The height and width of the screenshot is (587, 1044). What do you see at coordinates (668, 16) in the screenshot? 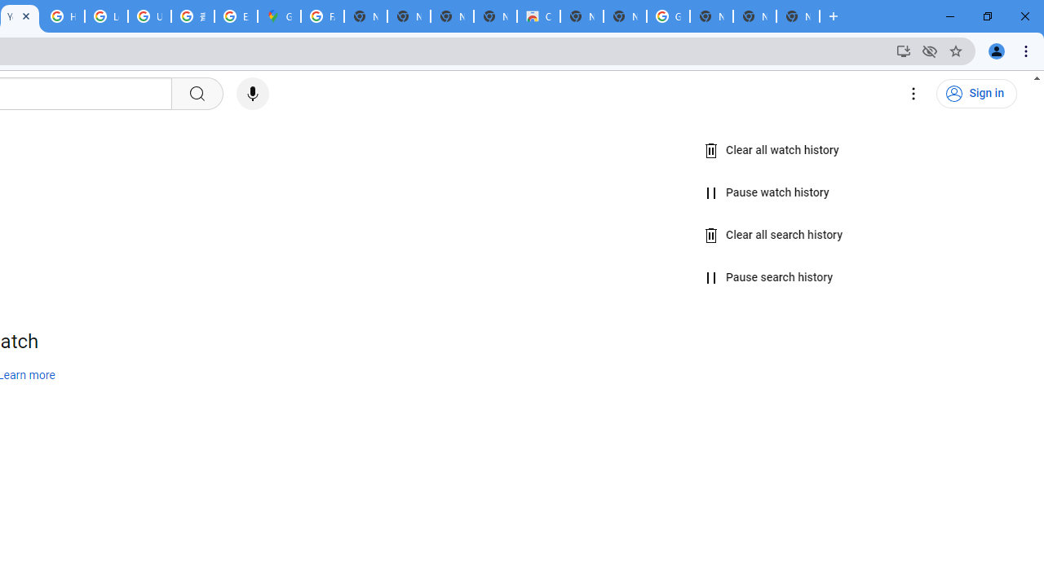
I see `'Google Images'` at bounding box center [668, 16].